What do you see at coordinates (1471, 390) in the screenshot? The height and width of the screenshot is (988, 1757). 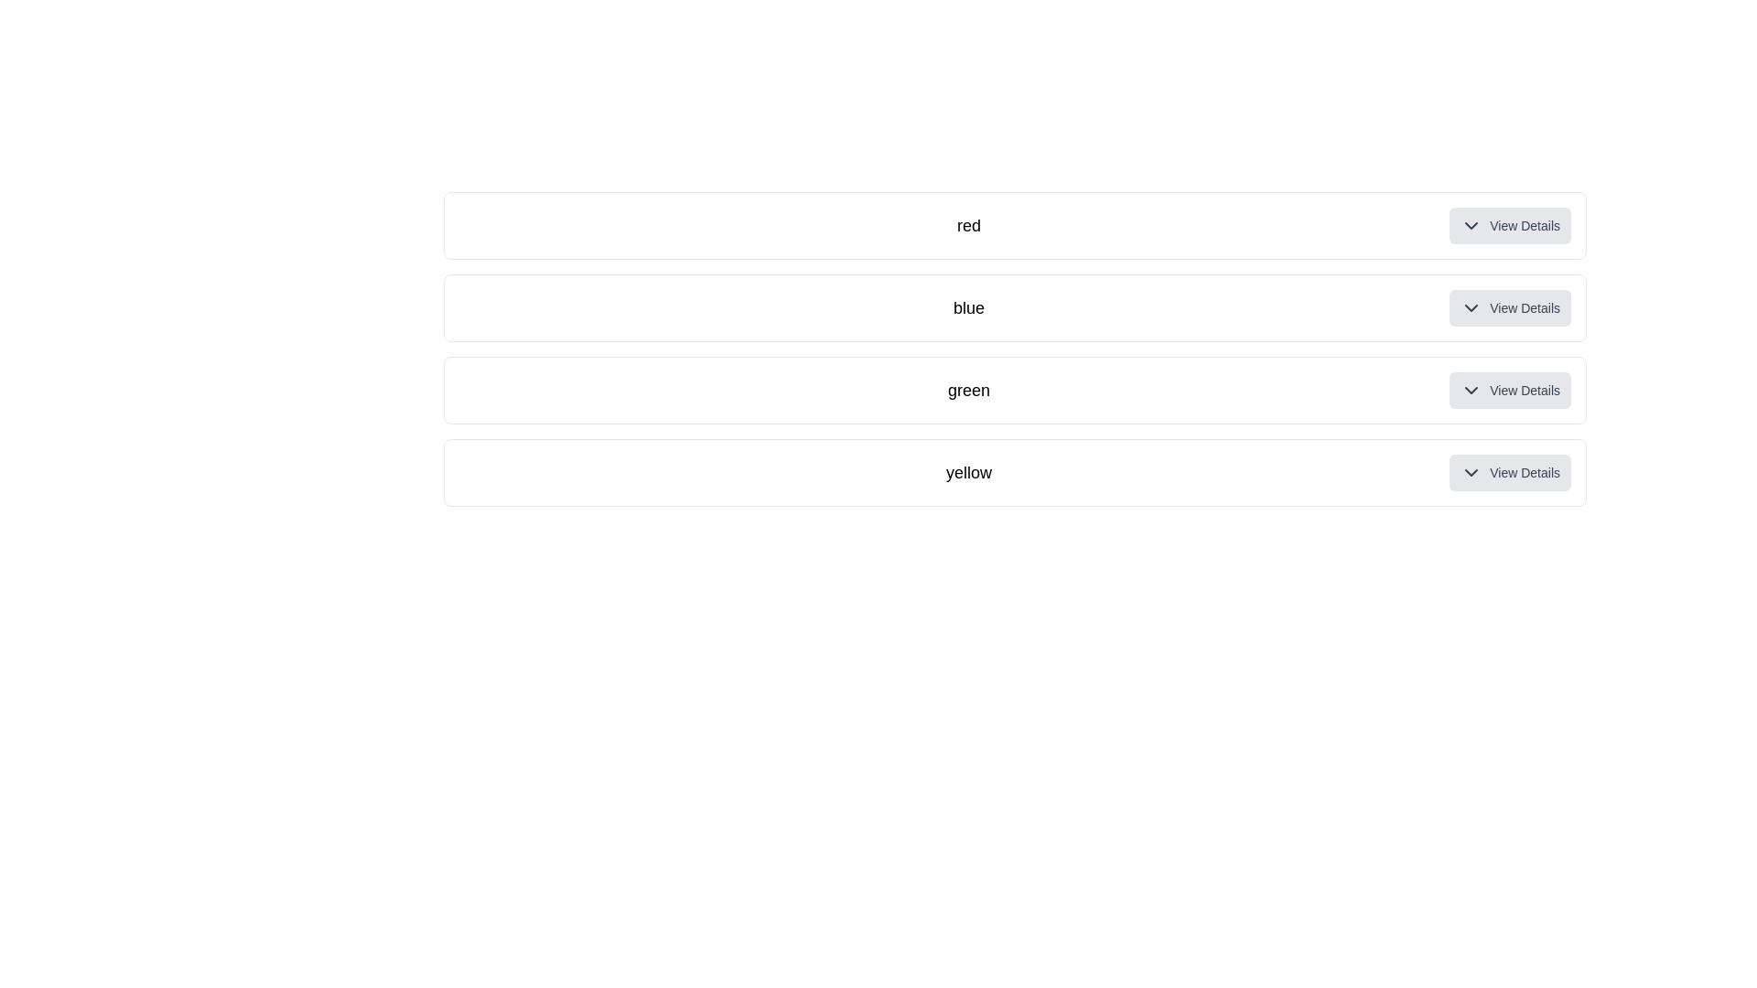 I see `the Dropdown indicator icon located in the third row, aligned to the left of the 'View Details' text label` at bounding box center [1471, 390].